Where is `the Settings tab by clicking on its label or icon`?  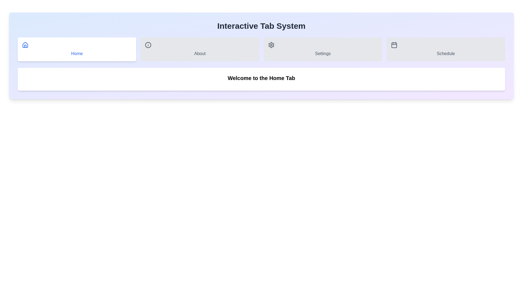
the Settings tab by clicking on its label or icon is located at coordinates (323, 49).